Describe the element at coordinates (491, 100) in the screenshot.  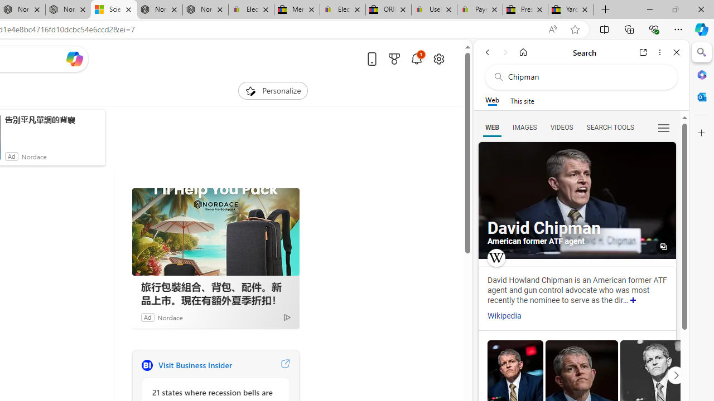
I see `'Web scope'` at that location.